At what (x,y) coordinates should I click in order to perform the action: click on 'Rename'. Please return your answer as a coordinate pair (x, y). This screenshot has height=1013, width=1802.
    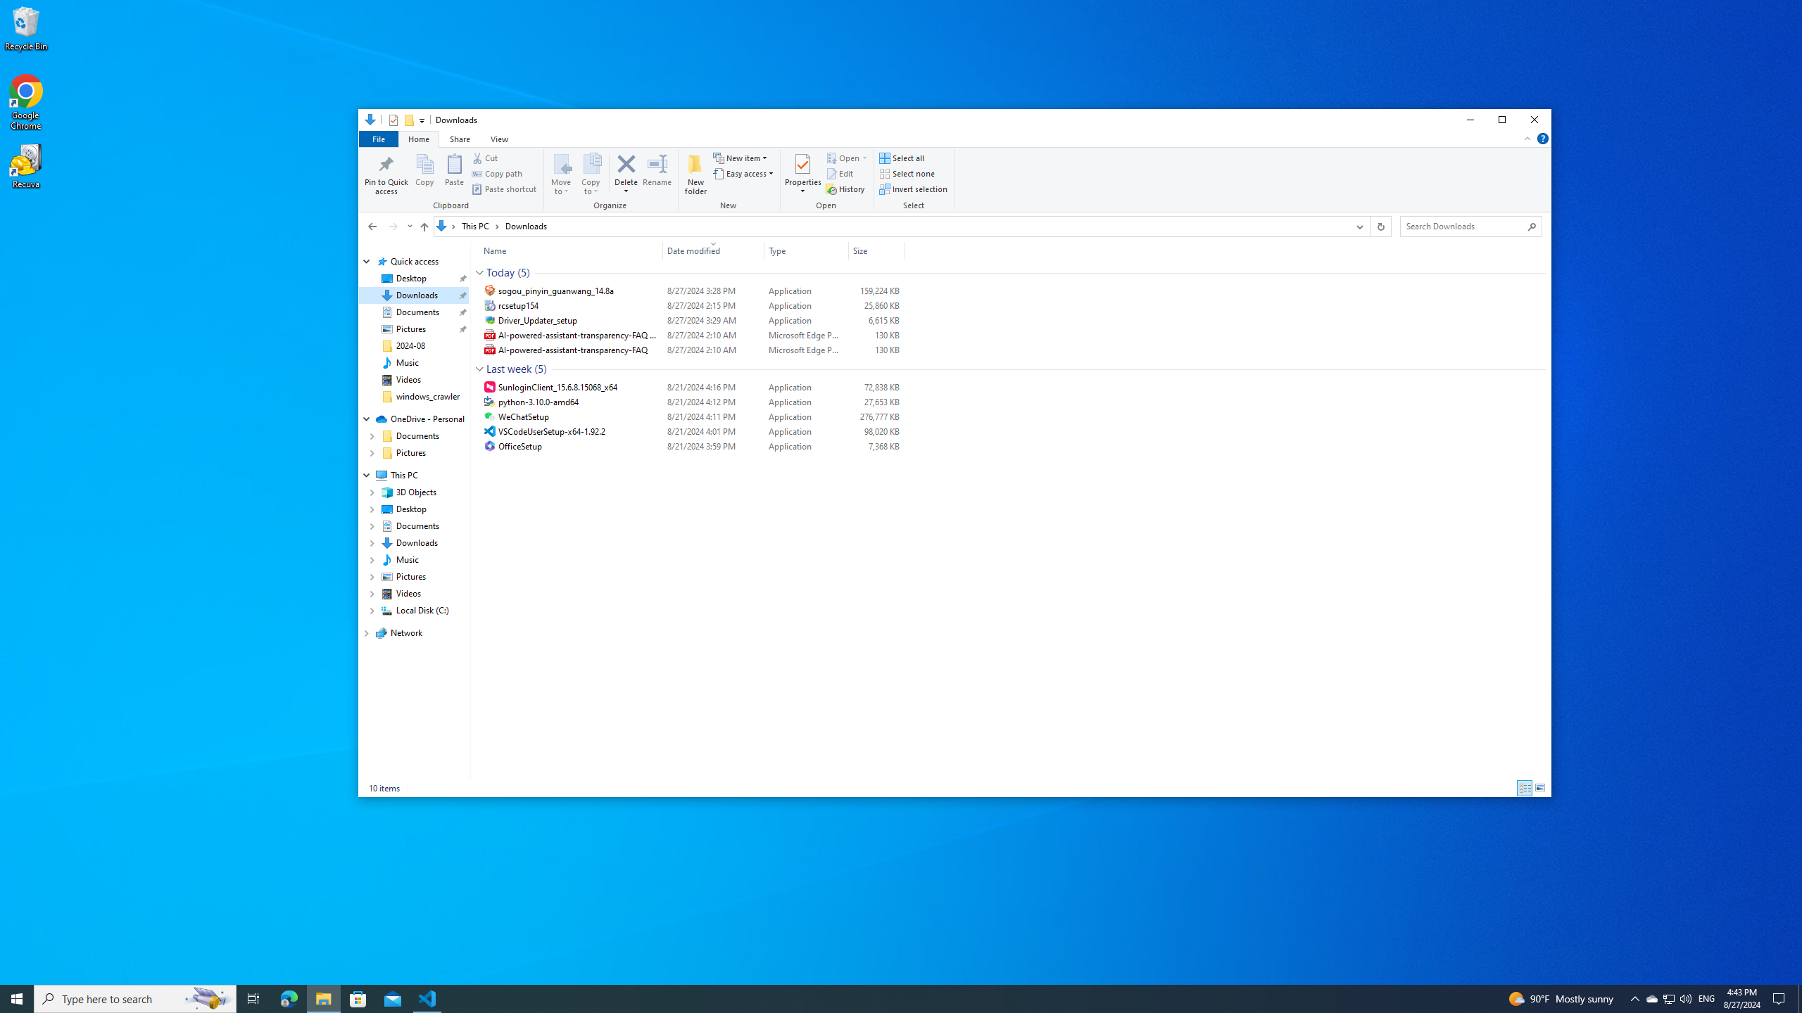
    Looking at the image, I should click on (657, 172).